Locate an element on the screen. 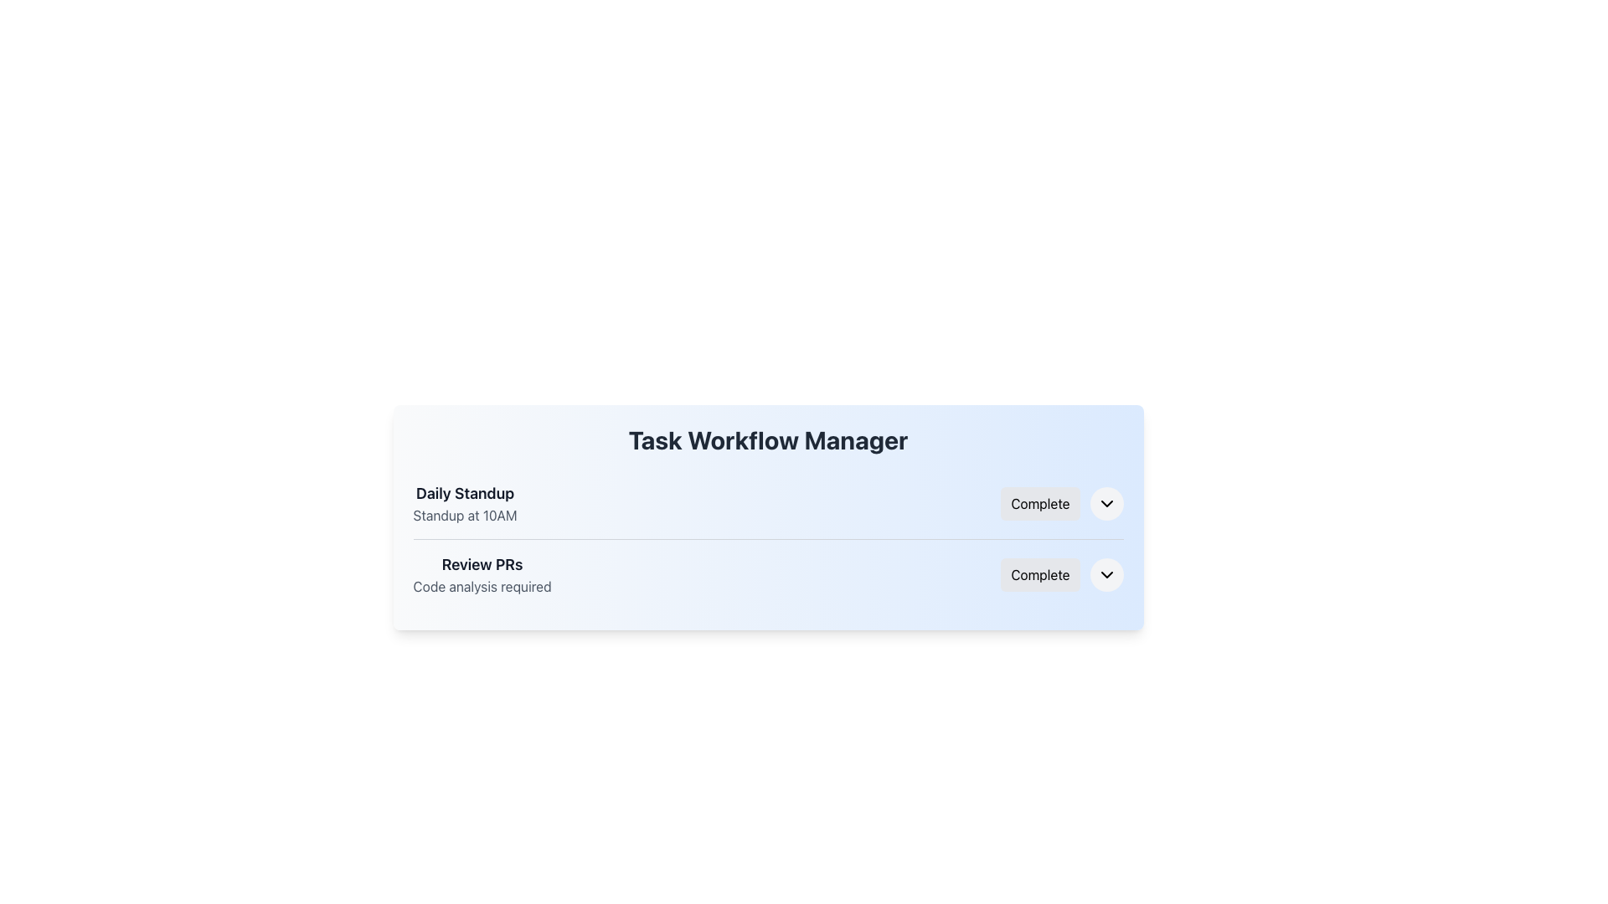 The width and height of the screenshot is (1608, 904). text label located below the 'Daily Standup' in the 'Task Workflow Manager' section, which provides information about the timing for the task is located at coordinates (465, 515).